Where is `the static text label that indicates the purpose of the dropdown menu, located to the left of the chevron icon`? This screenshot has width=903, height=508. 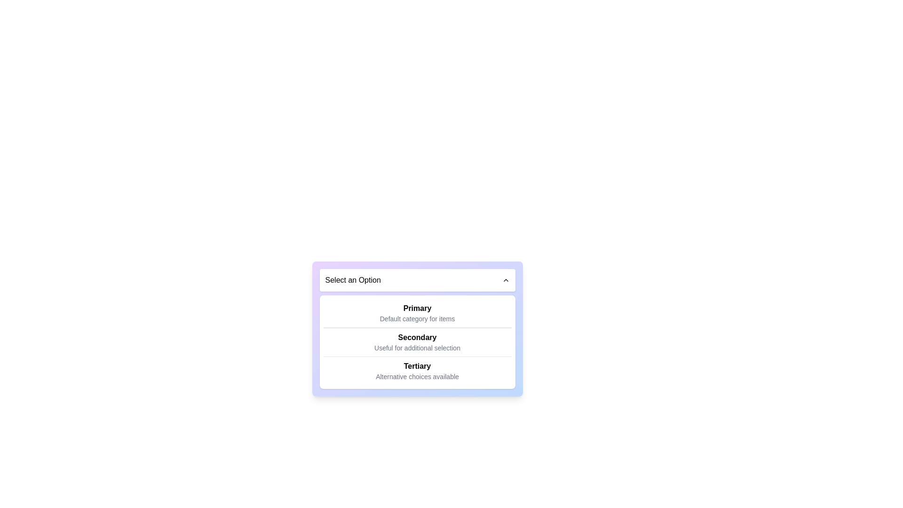 the static text label that indicates the purpose of the dropdown menu, located to the left of the chevron icon is located at coordinates (352, 280).